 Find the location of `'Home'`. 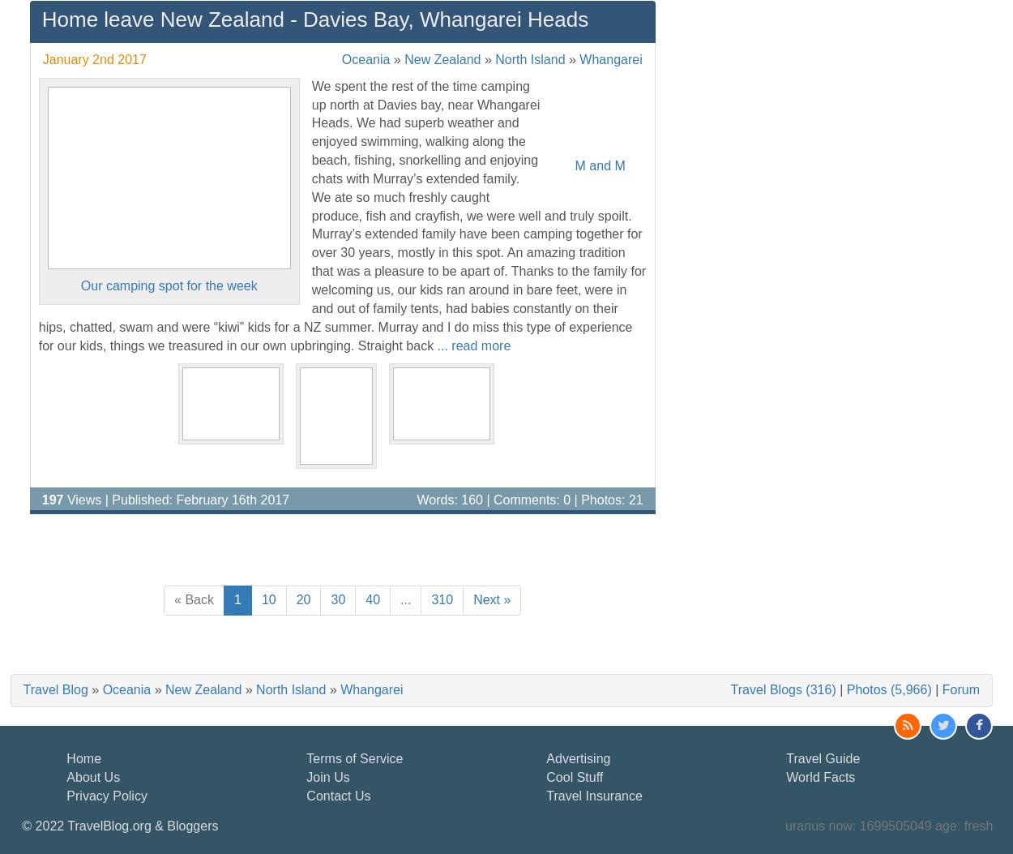

'Home' is located at coordinates (83, 757).